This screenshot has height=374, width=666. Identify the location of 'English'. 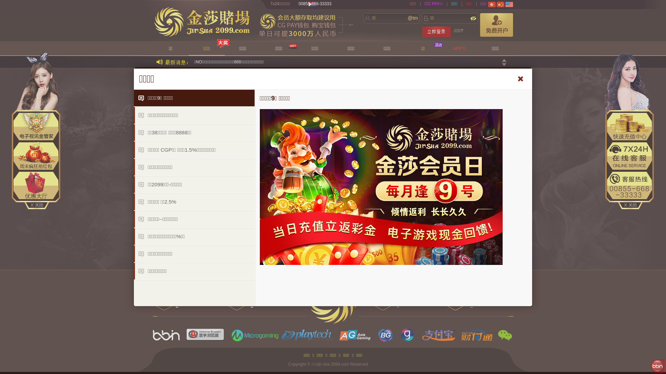
(505, 4).